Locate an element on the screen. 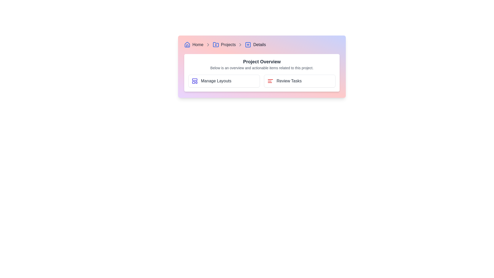  the right-pointing chevron icon in the breadcrumb navigation, located between the 'Projects' and 'Details' labels is located at coordinates (240, 44).